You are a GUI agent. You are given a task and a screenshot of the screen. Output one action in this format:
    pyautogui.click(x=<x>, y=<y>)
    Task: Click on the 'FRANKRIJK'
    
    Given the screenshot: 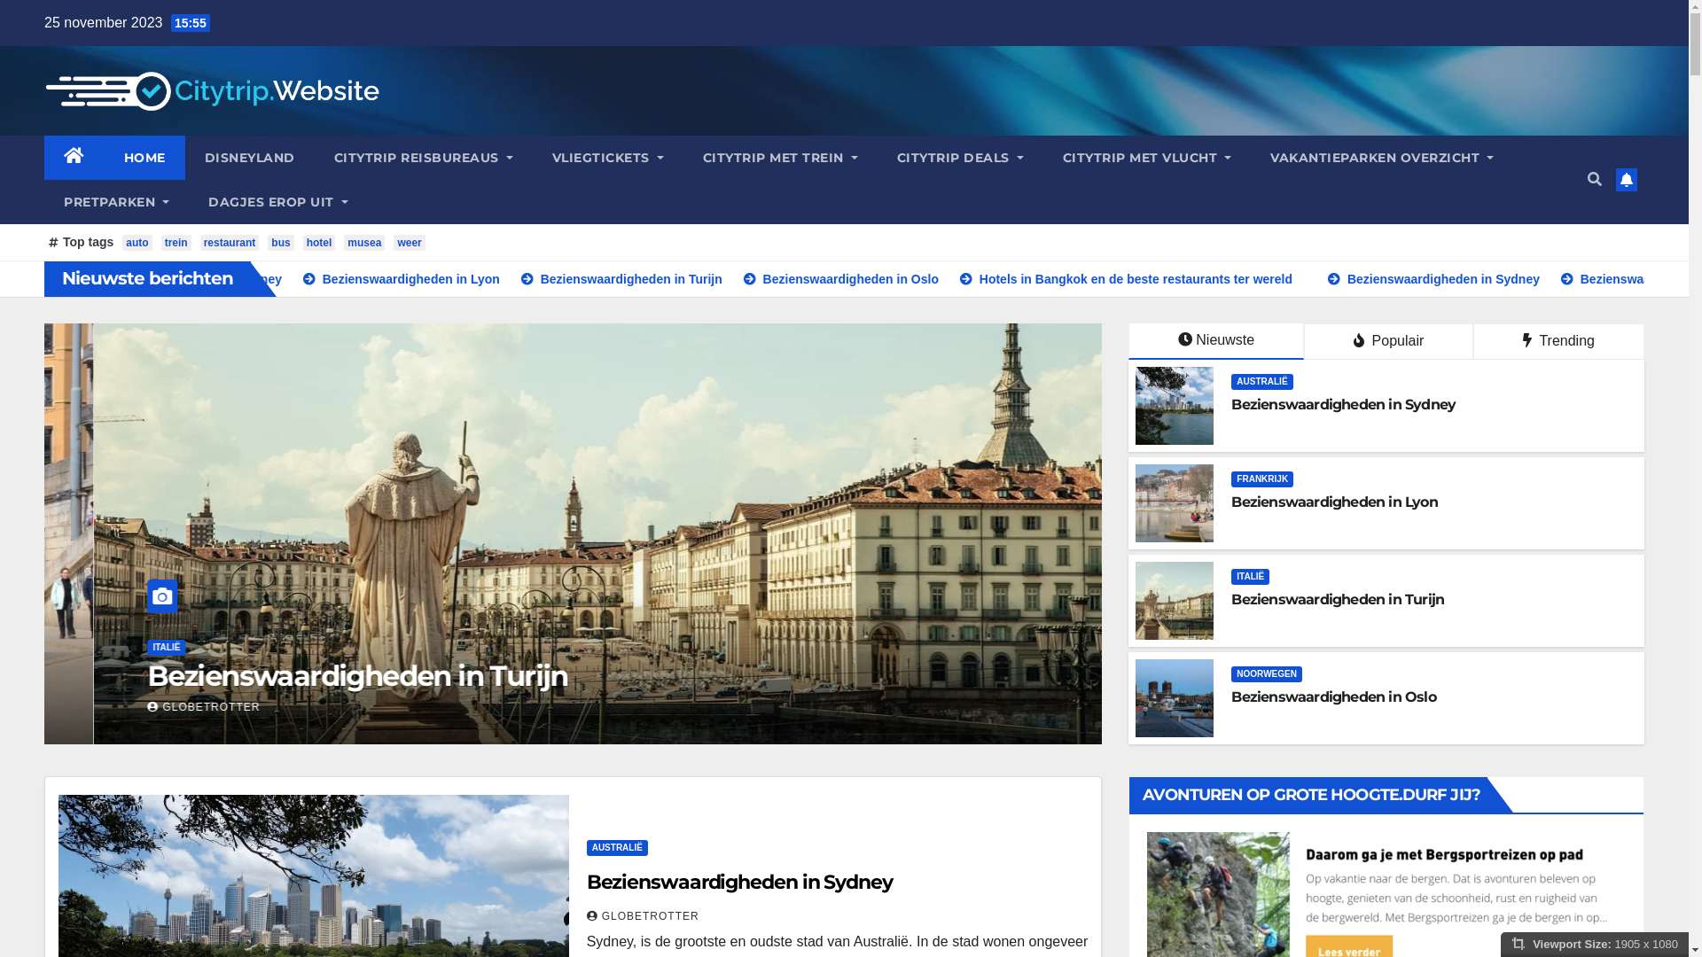 What is the action you would take?
    pyautogui.click(x=1261, y=478)
    